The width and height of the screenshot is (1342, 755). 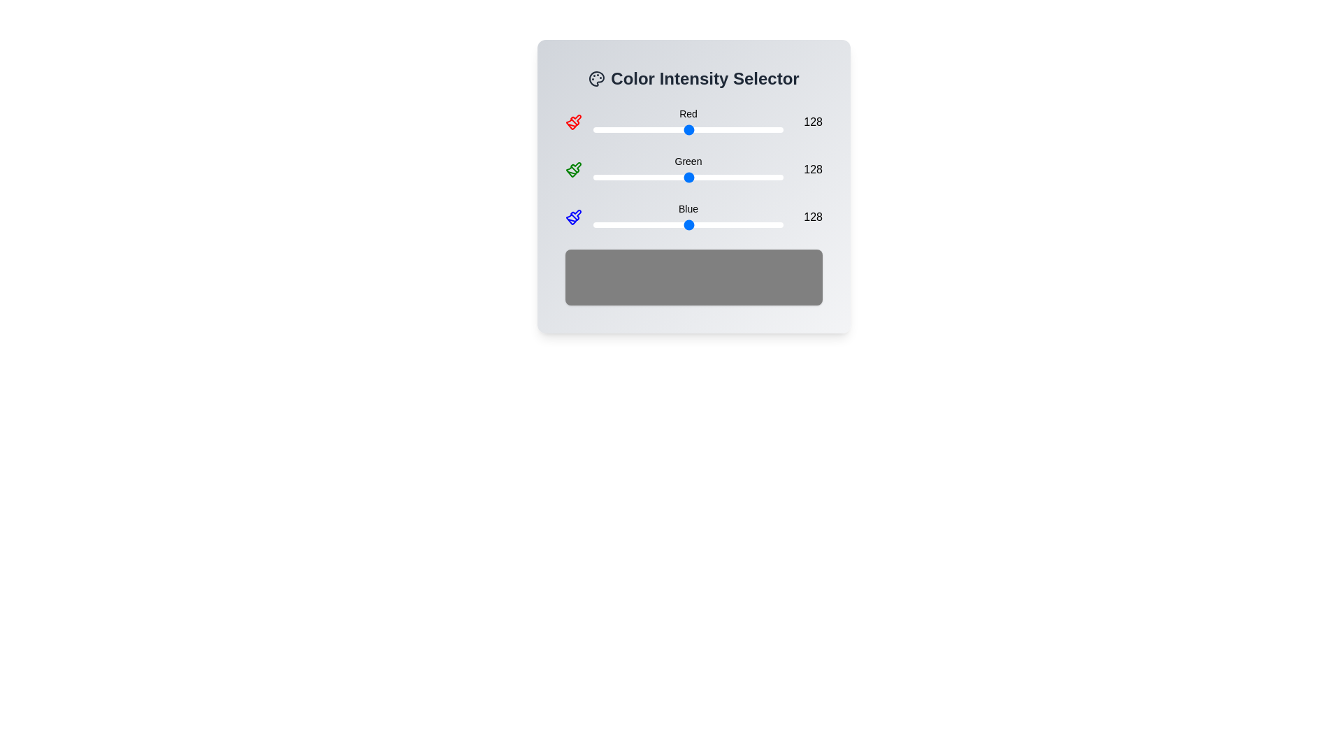 What do you see at coordinates (770, 177) in the screenshot?
I see `the green intensity` at bounding box center [770, 177].